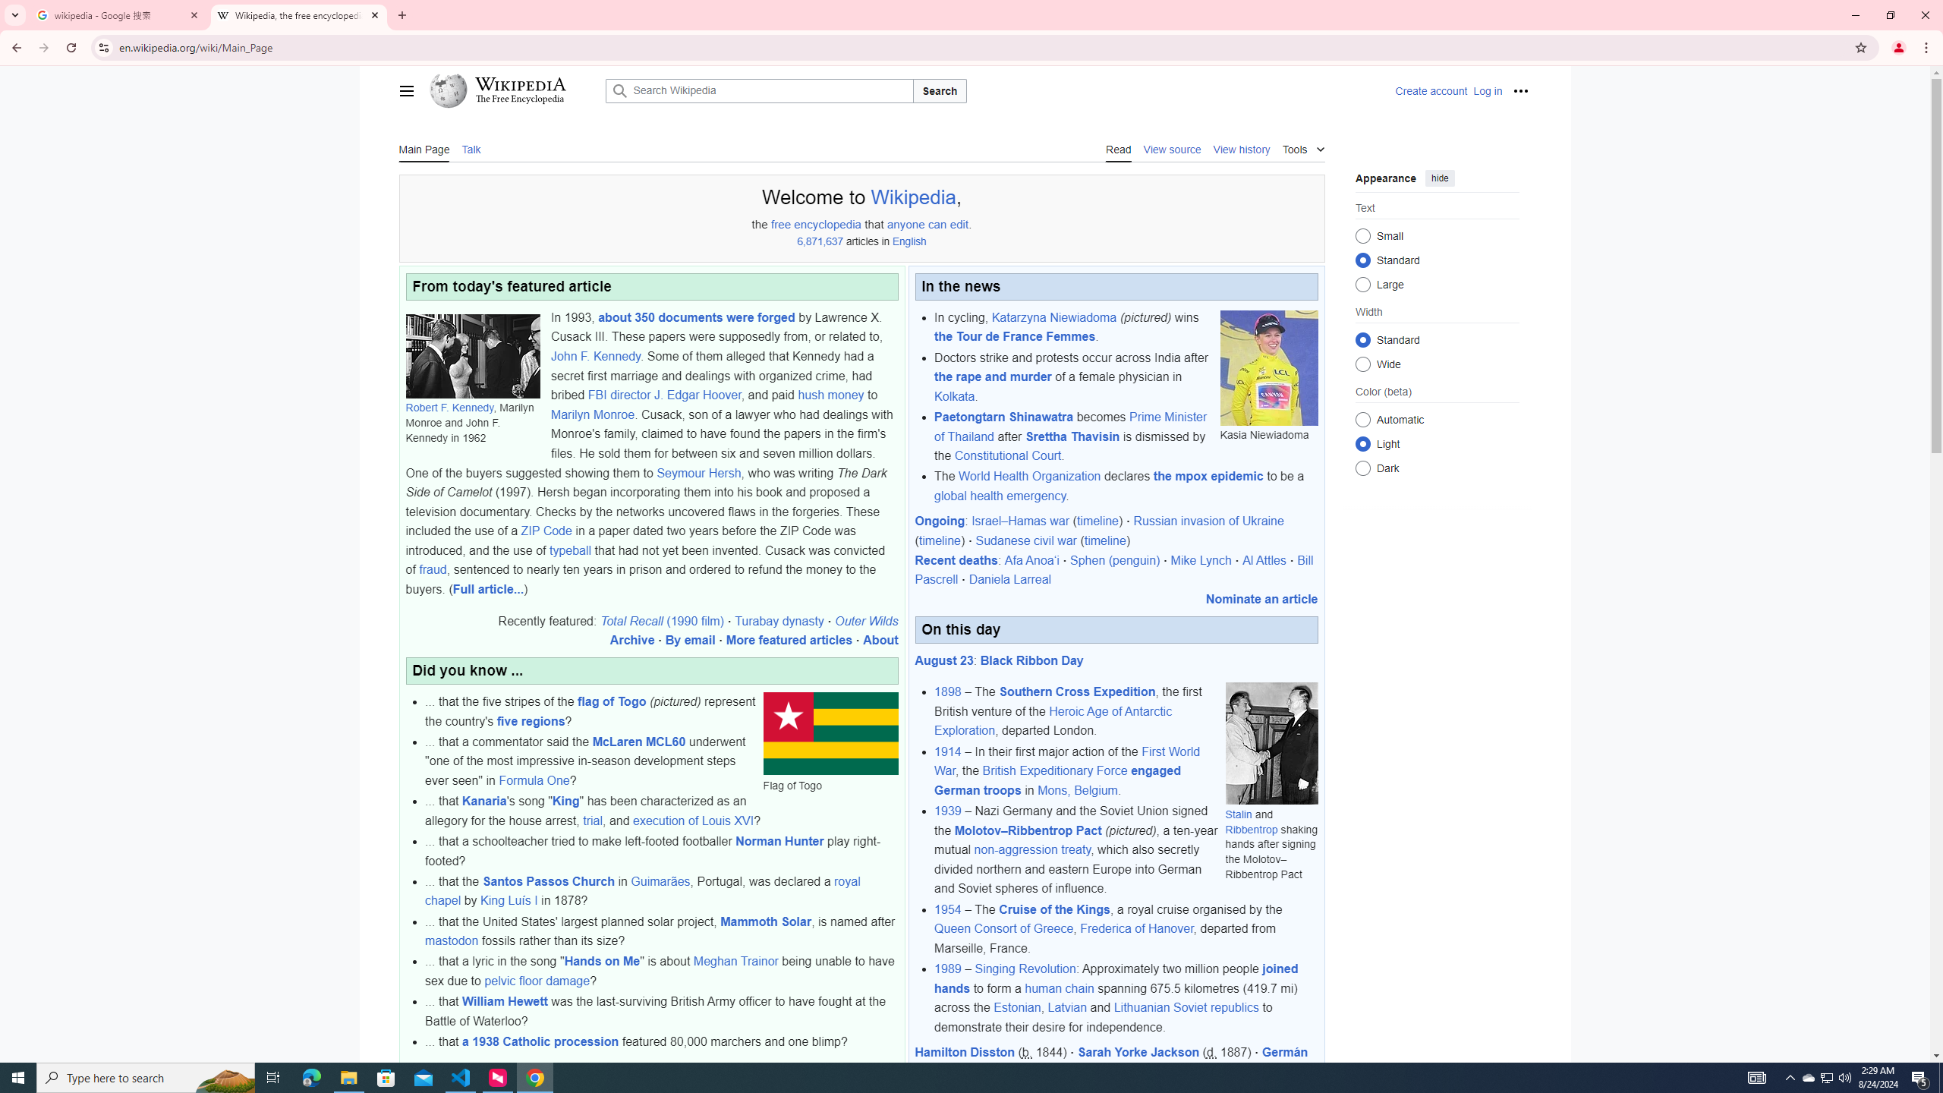 The image size is (1943, 1093). I want to click on 'Wikipedia The Free Encyclopedia', so click(513, 90).